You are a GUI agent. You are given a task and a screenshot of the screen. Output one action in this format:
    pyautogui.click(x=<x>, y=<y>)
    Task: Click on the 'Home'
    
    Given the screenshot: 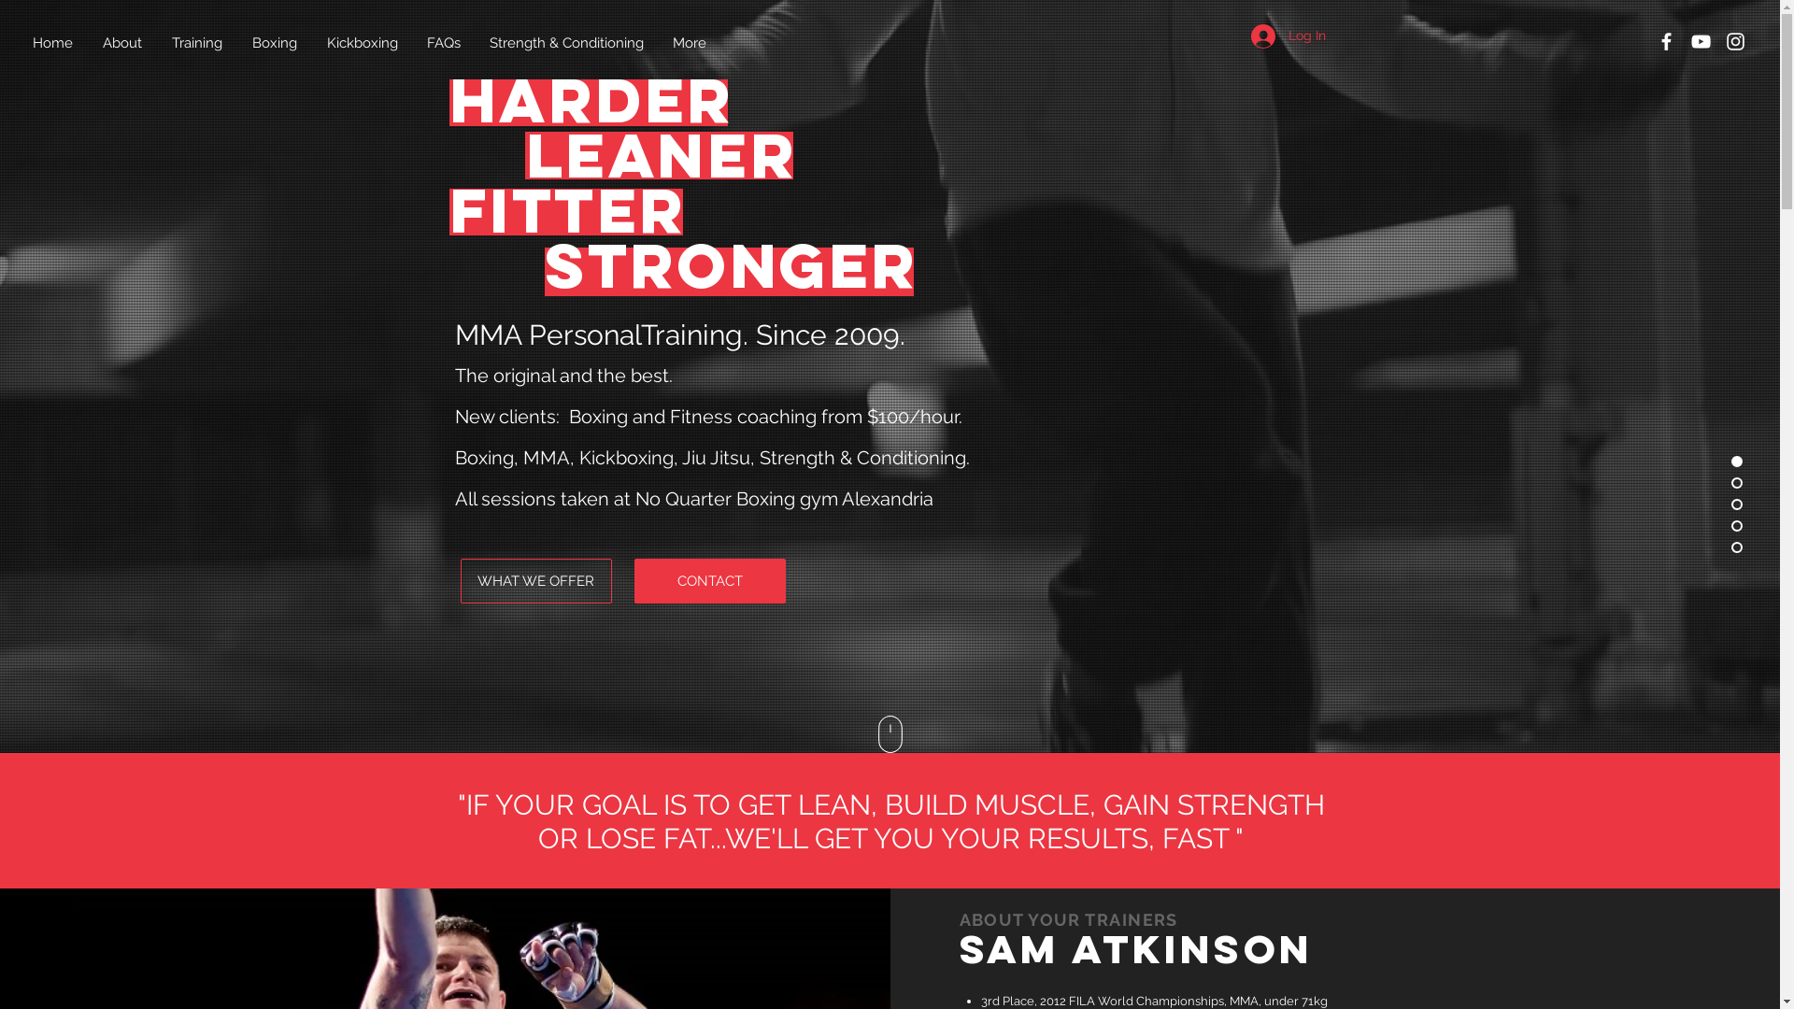 What is the action you would take?
    pyautogui.click(x=53, y=42)
    